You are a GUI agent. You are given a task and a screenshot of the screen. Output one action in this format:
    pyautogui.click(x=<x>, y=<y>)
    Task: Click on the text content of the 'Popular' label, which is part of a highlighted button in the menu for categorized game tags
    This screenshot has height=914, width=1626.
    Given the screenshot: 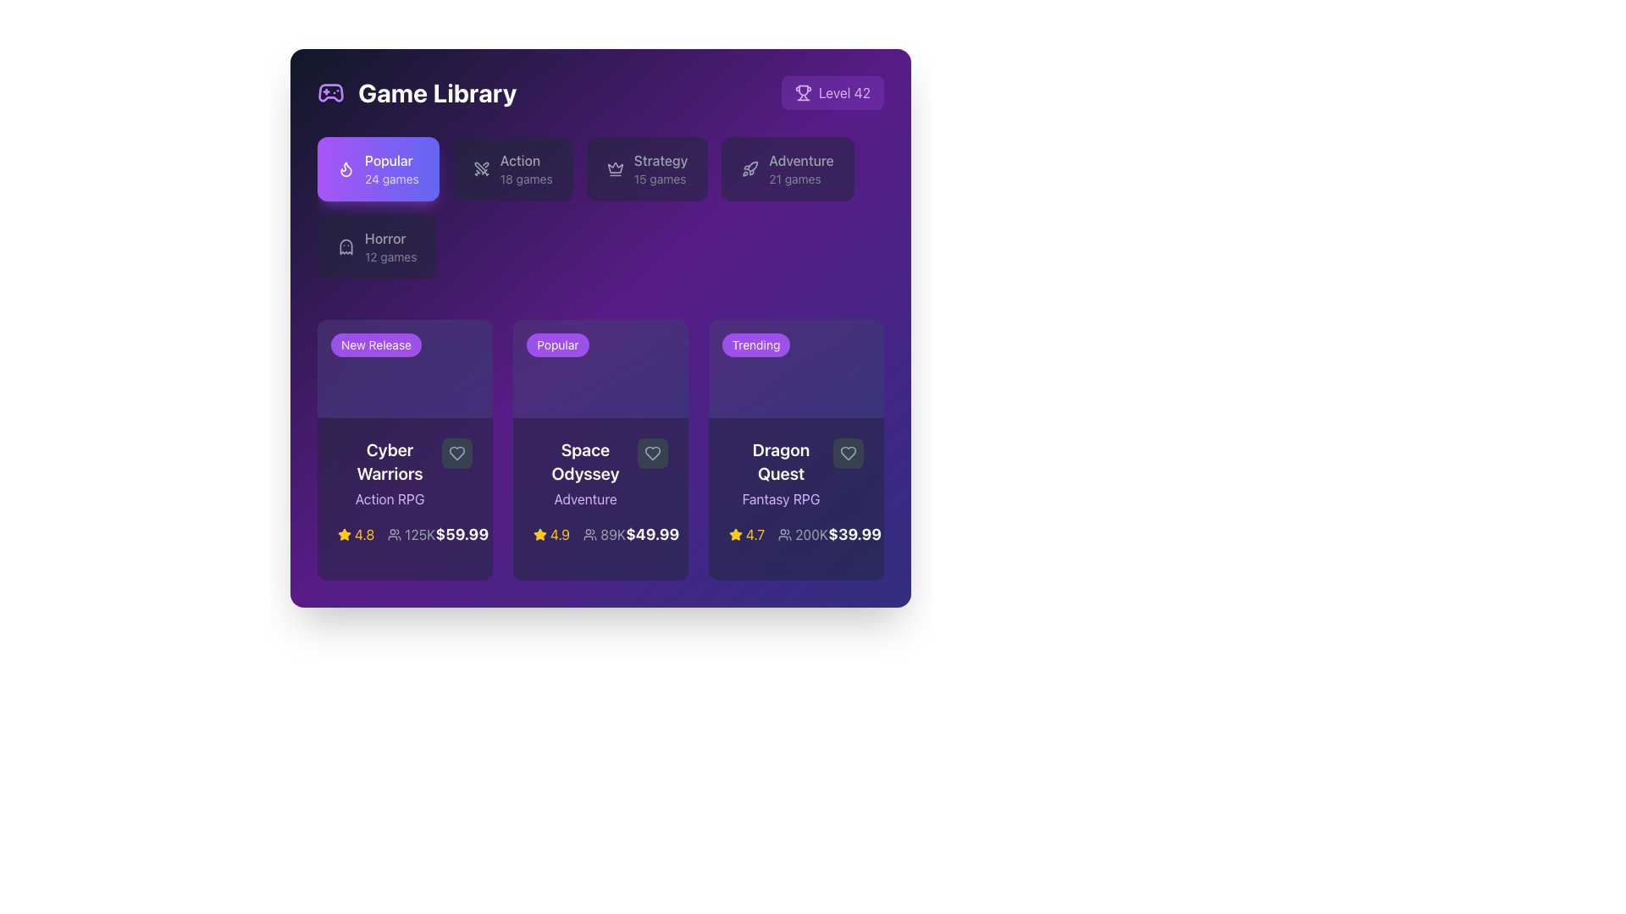 What is the action you would take?
    pyautogui.click(x=390, y=160)
    